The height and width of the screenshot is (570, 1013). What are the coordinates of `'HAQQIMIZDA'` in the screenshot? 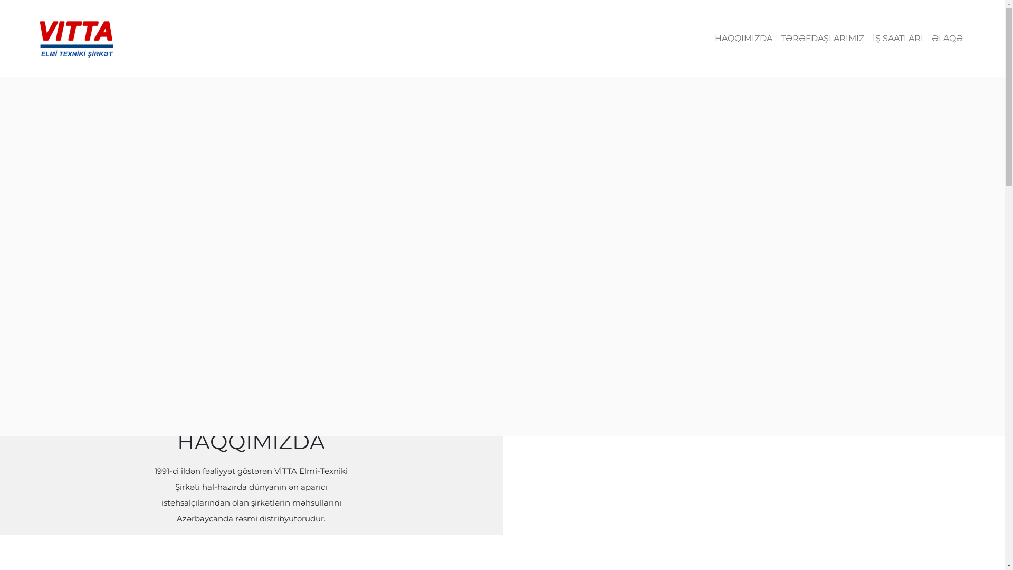 It's located at (743, 38).